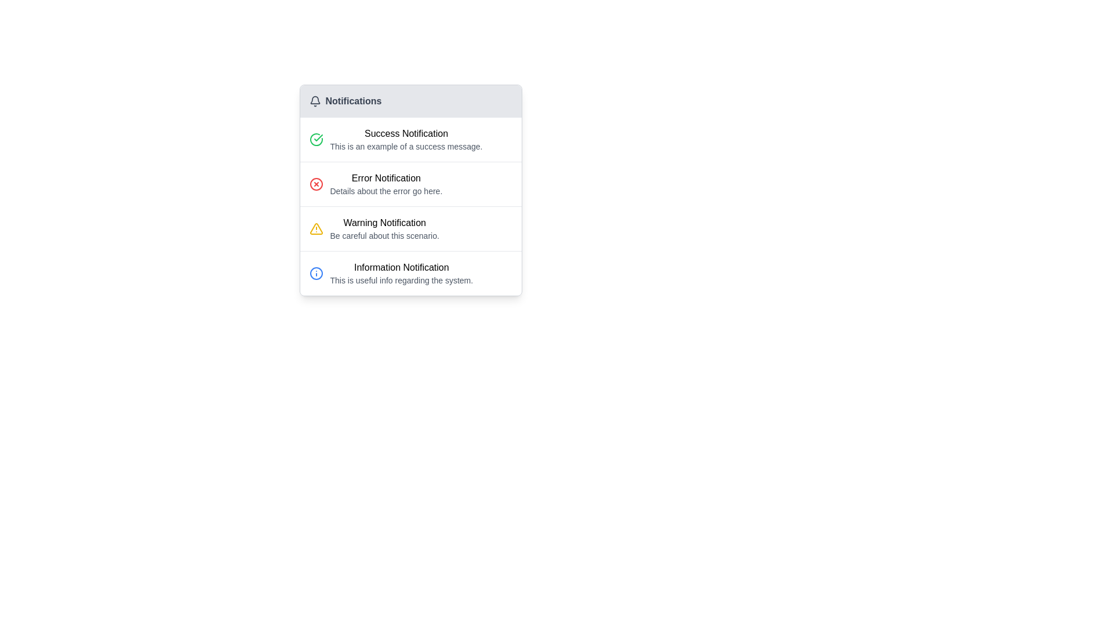 This screenshot has width=1113, height=626. What do you see at coordinates (401, 280) in the screenshot?
I see `text content element that displays 'This is useful info regarding the system.' located below the 'Information Notification' header in the fourth notification card` at bounding box center [401, 280].